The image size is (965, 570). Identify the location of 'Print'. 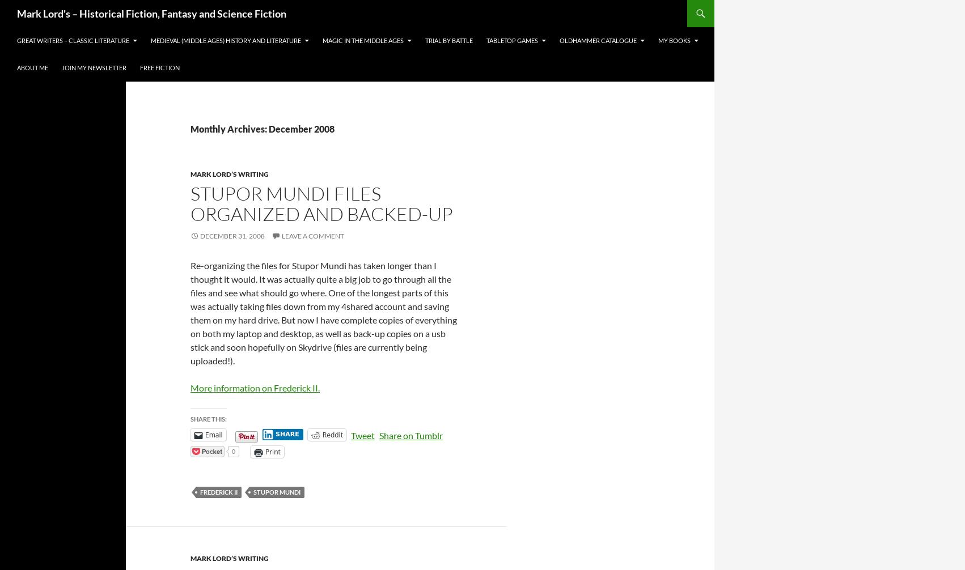
(272, 451).